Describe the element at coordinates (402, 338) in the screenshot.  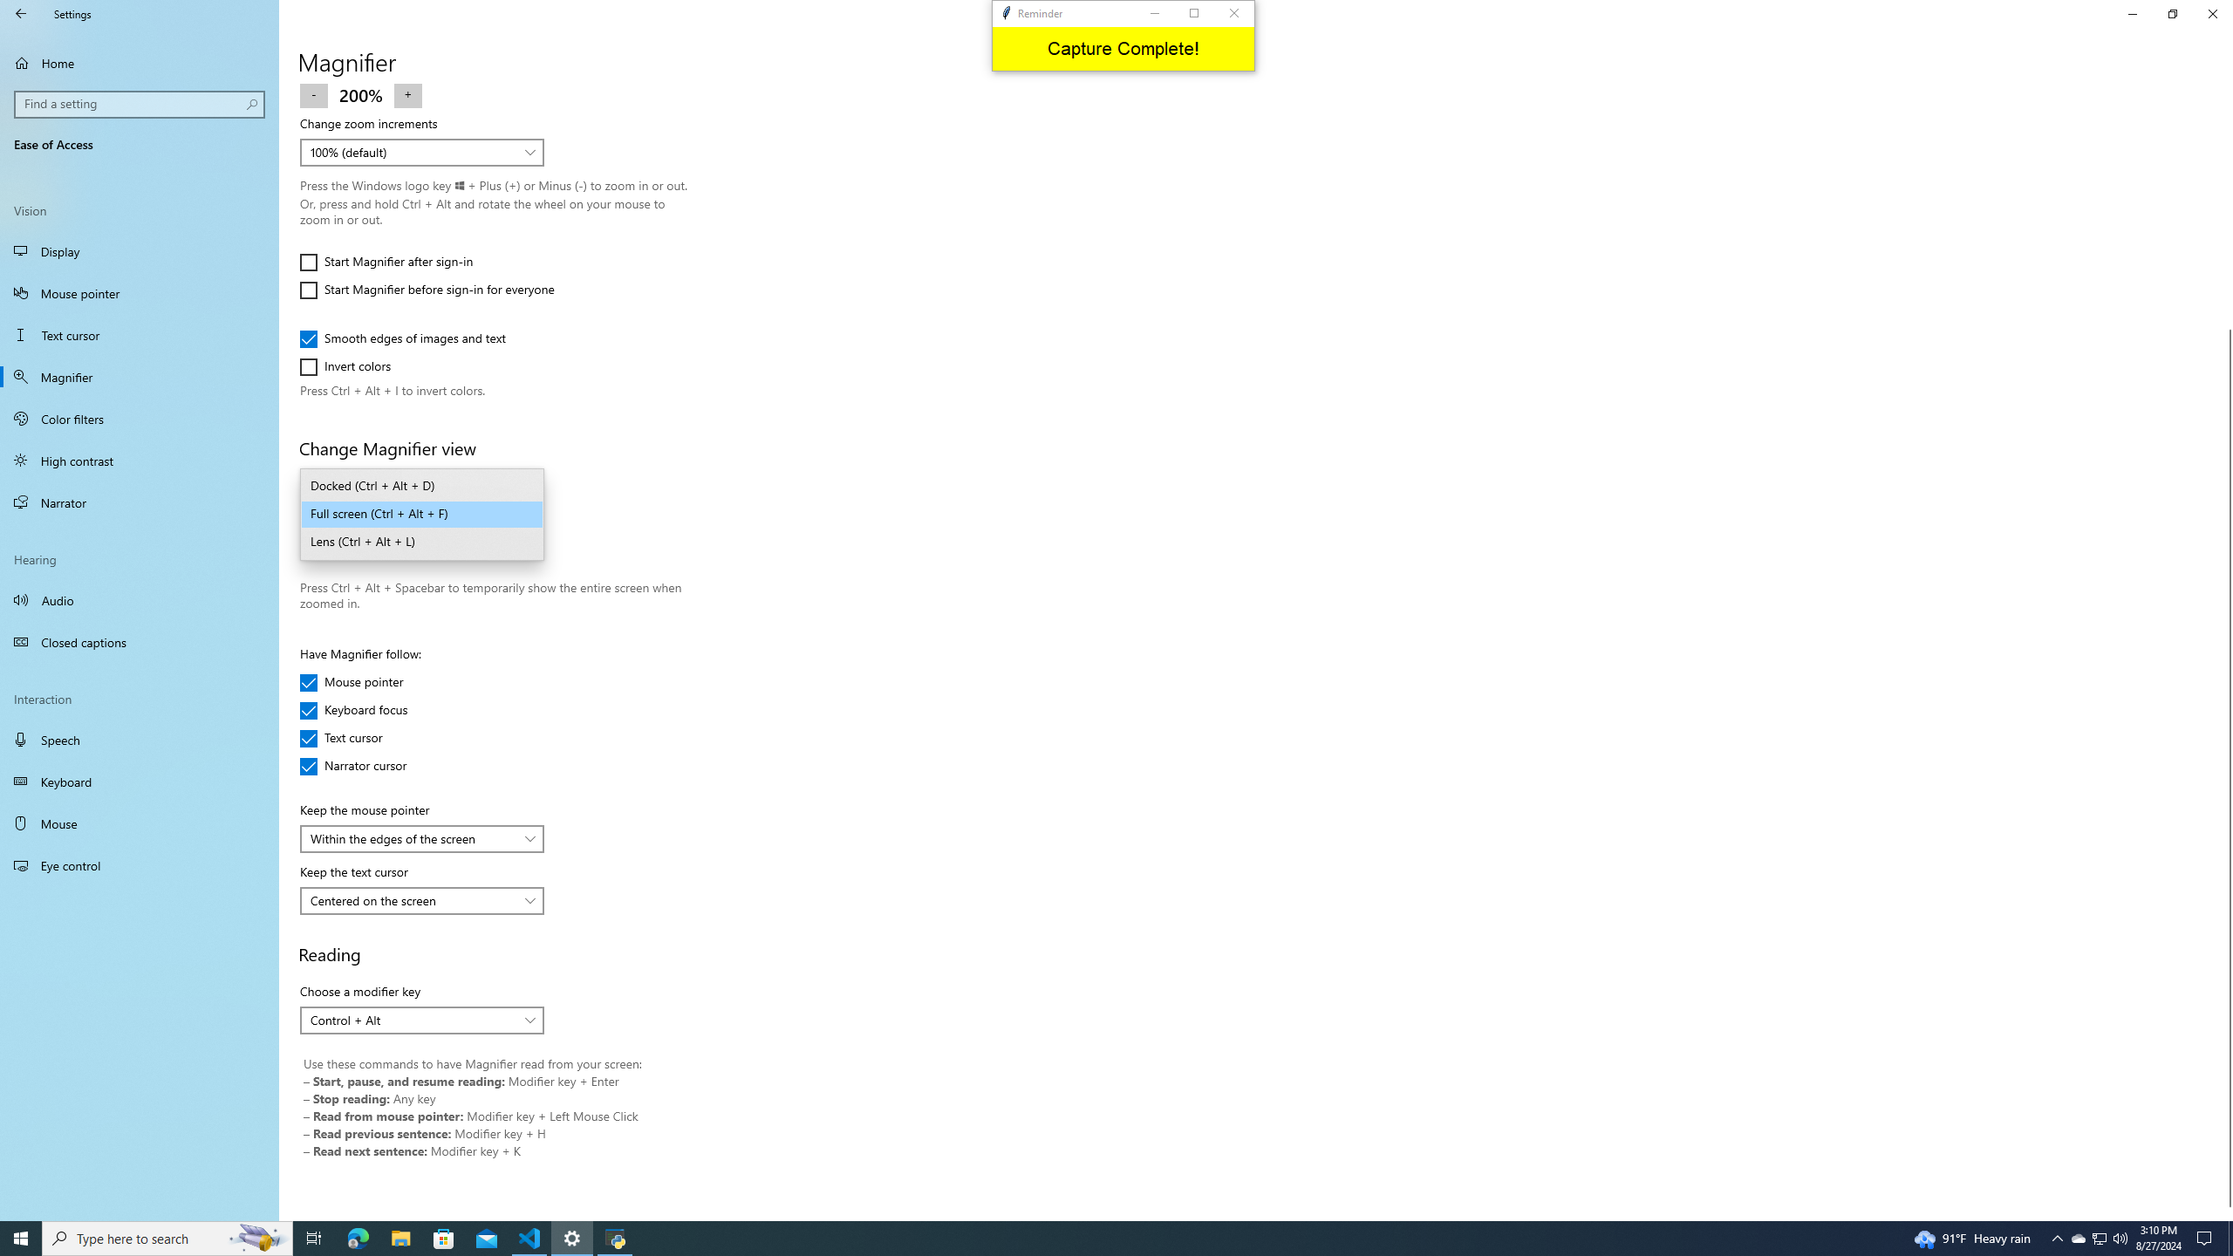
I see `'Smooth edges of images and text'` at that location.